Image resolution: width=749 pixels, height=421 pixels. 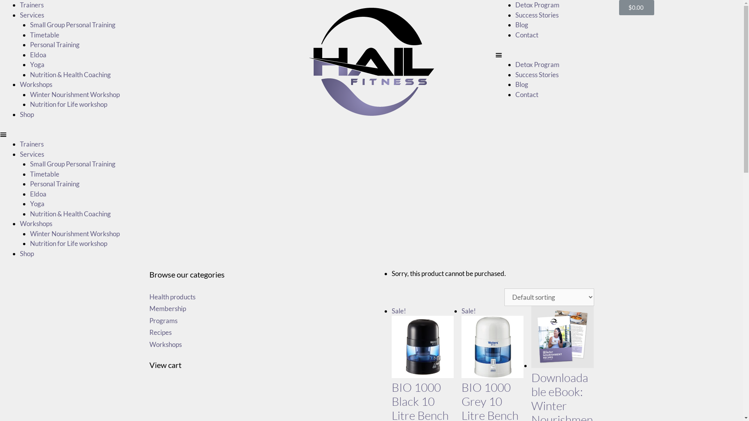 I want to click on 'Blog', so click(x=522, y=84).